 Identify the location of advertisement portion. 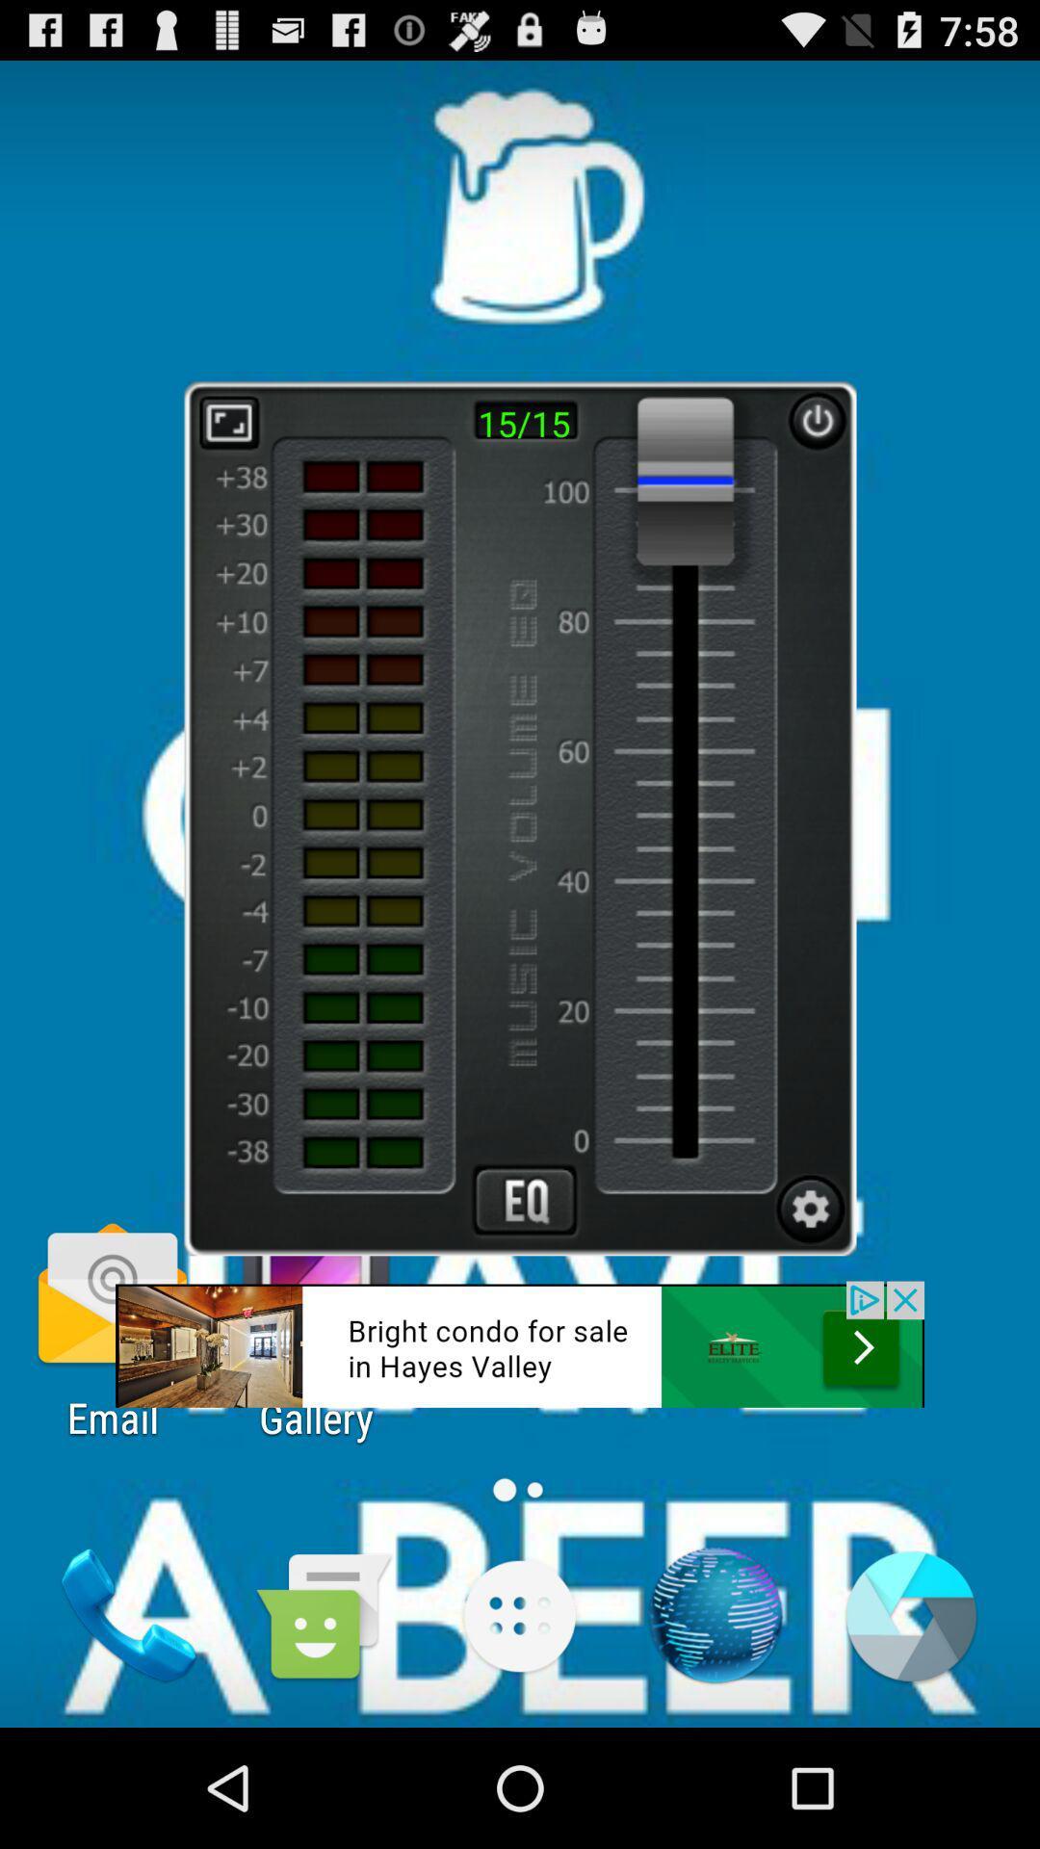
(520, 1343).